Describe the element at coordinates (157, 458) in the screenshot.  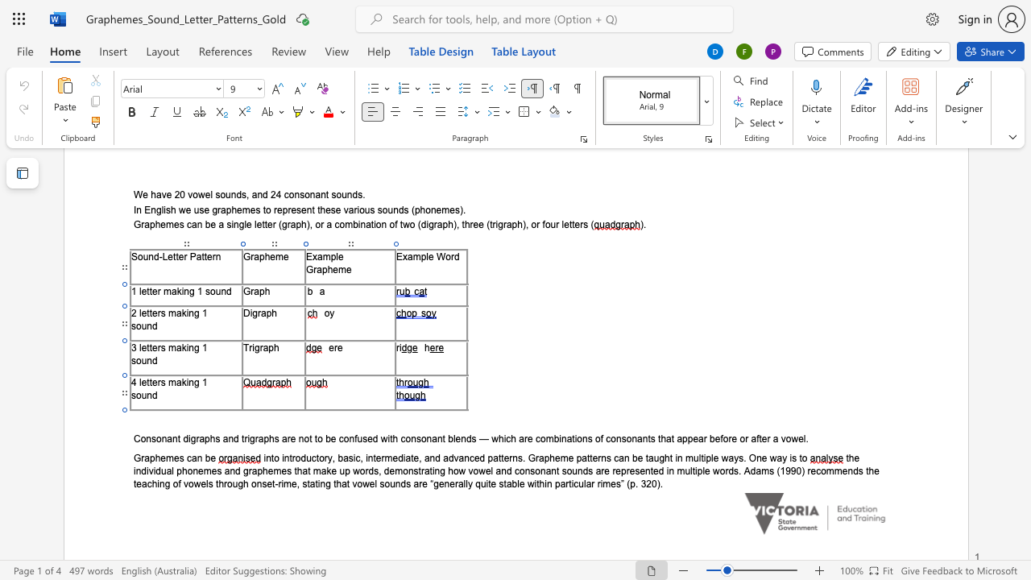
I see `the 1th character "h" in the text` at that location.